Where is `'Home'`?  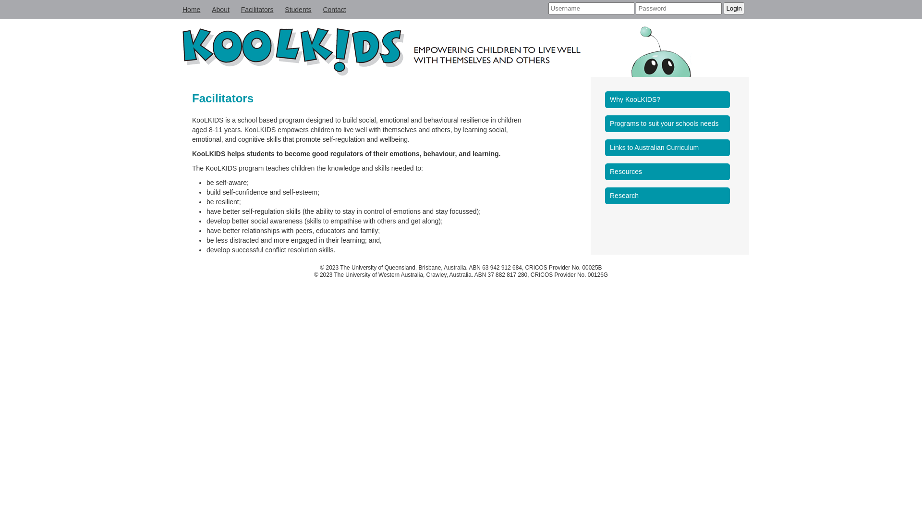 'Home' is located at coordinates (191, 9).